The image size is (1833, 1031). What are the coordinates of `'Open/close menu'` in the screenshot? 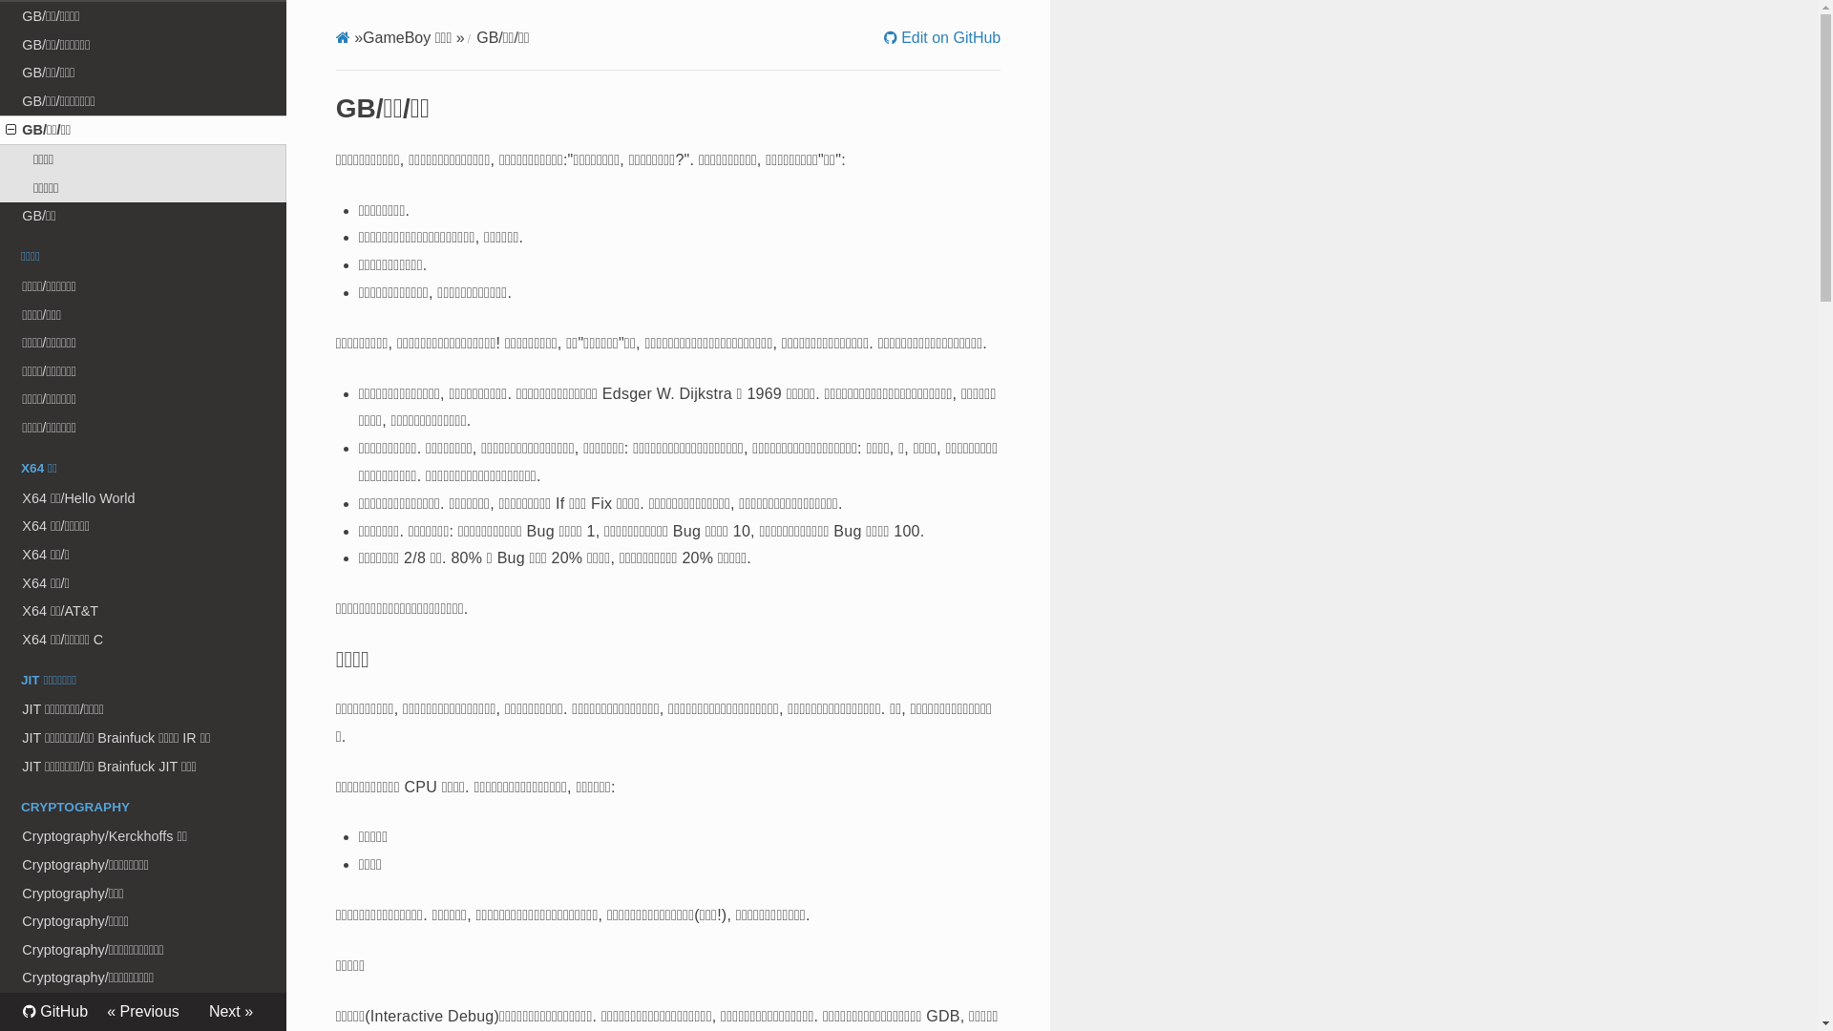 It's located at (11, 129).